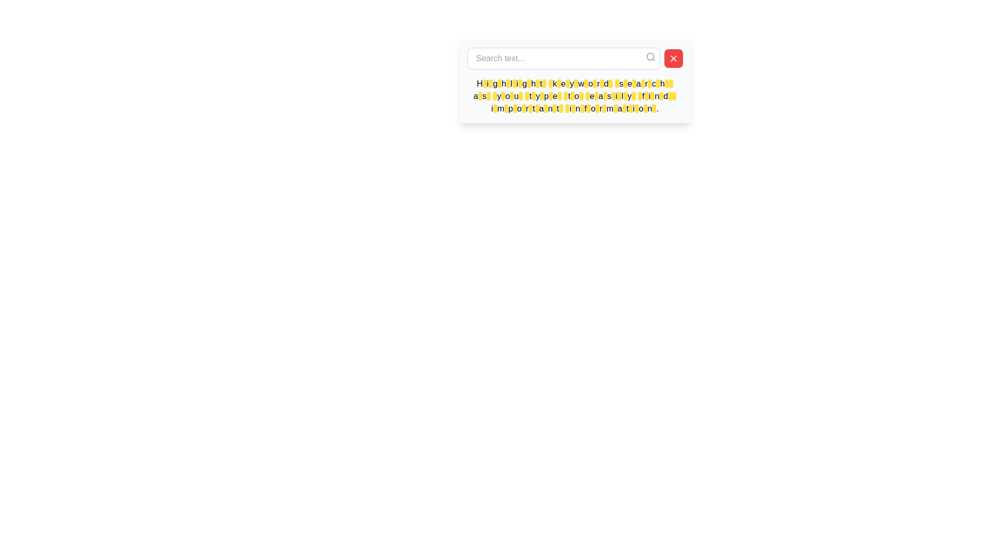 The height and width of the screenshot is (560, 995). Describe the element at coordinates (574, 81) in the screenshot. I see `the text block containing the message 'Highlight keyword search as you type to easily find important information.' to read the text` at that location.